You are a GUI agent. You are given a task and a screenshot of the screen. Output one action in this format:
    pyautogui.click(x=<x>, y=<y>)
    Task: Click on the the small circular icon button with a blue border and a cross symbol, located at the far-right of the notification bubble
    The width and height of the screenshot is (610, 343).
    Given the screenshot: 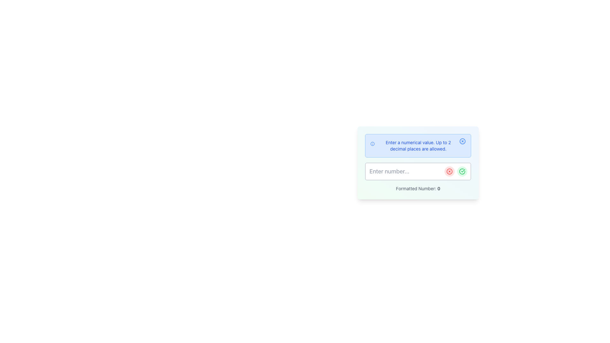 What is the action you would take?
    pyautogui.click(x=462, y=141)
    